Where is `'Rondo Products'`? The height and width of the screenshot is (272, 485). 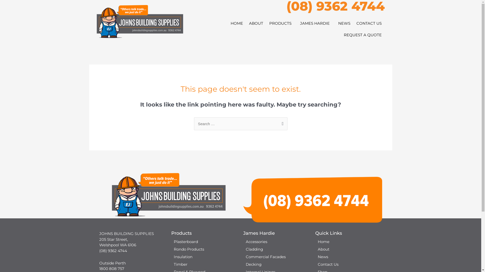 'Rondo Products' is located at coordinates (168, 249).